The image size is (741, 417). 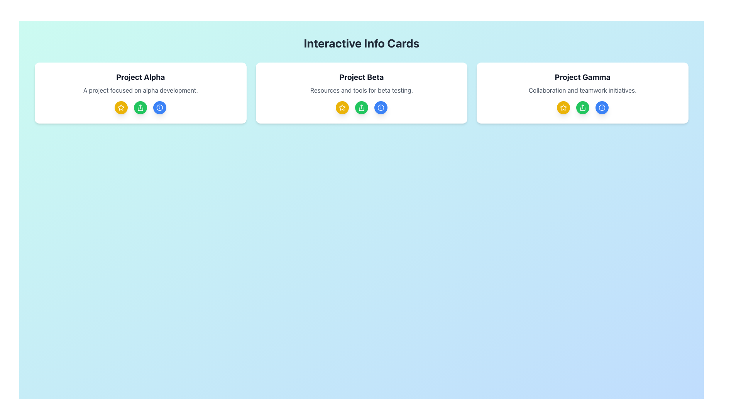 I want to click on the first circular outline icon with a blue color located beneath the title and description of 'Project Alpha' in the information card, so click(x=159, y=107).